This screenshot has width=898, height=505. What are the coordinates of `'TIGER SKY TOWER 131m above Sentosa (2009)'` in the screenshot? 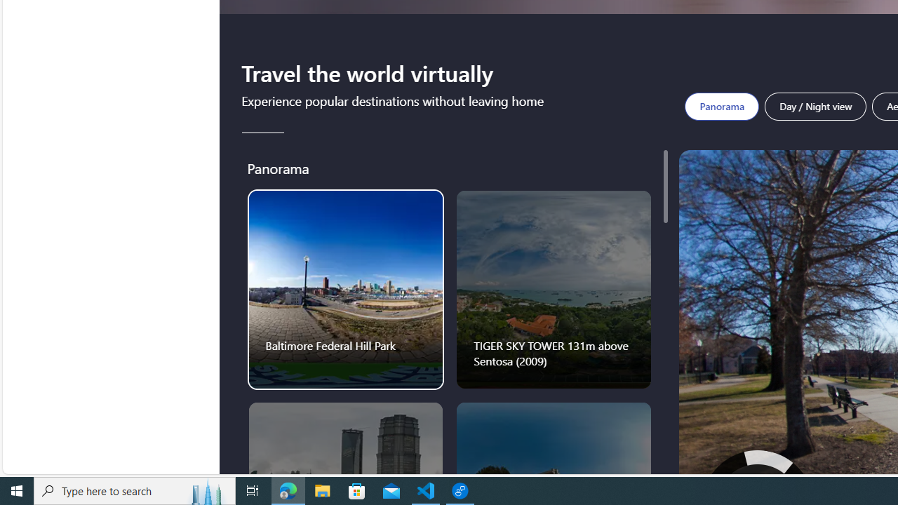 It's located at (554, 288).